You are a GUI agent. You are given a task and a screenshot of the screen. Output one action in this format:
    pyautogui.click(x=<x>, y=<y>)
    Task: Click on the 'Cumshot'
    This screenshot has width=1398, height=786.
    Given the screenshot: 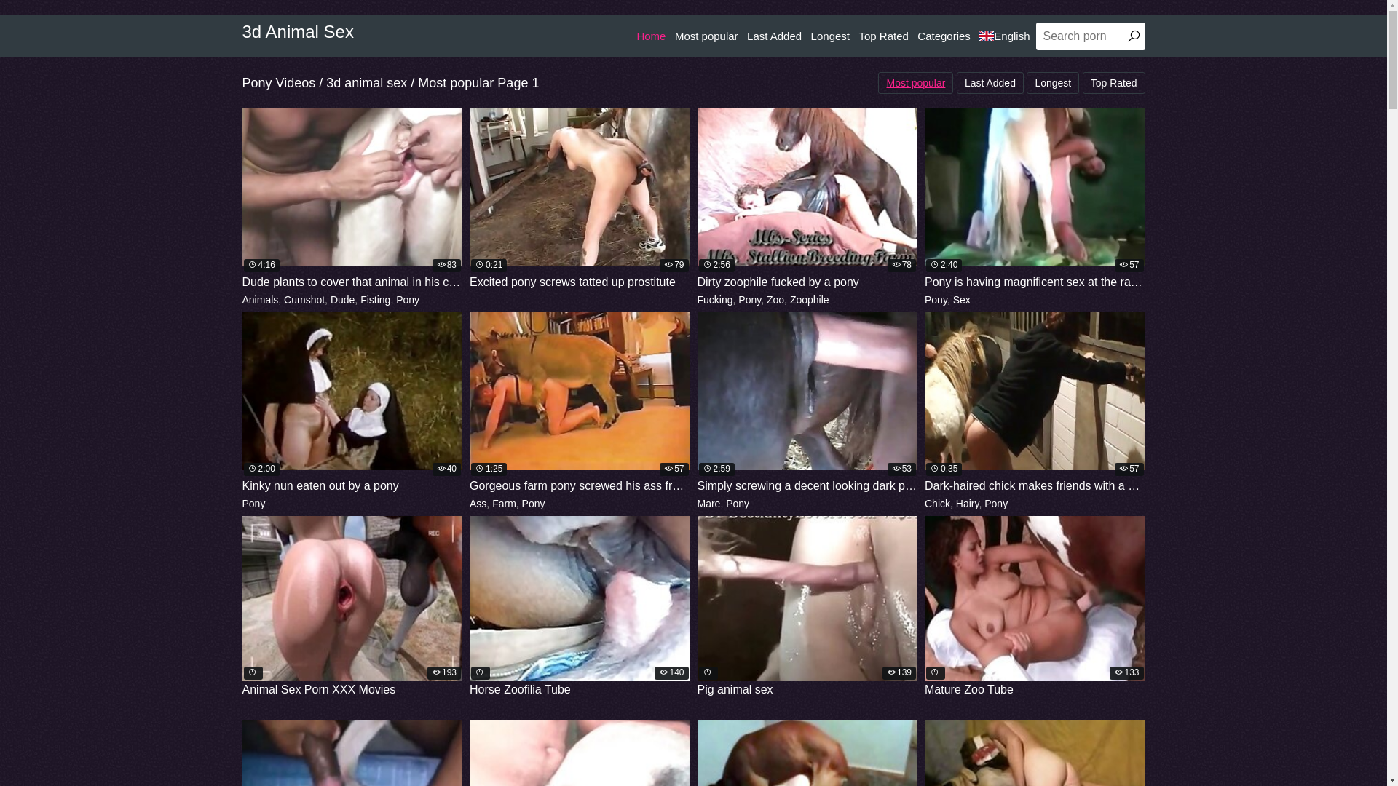 What is the action you would take?
    pyautogui.click(x=283, y=299)
    